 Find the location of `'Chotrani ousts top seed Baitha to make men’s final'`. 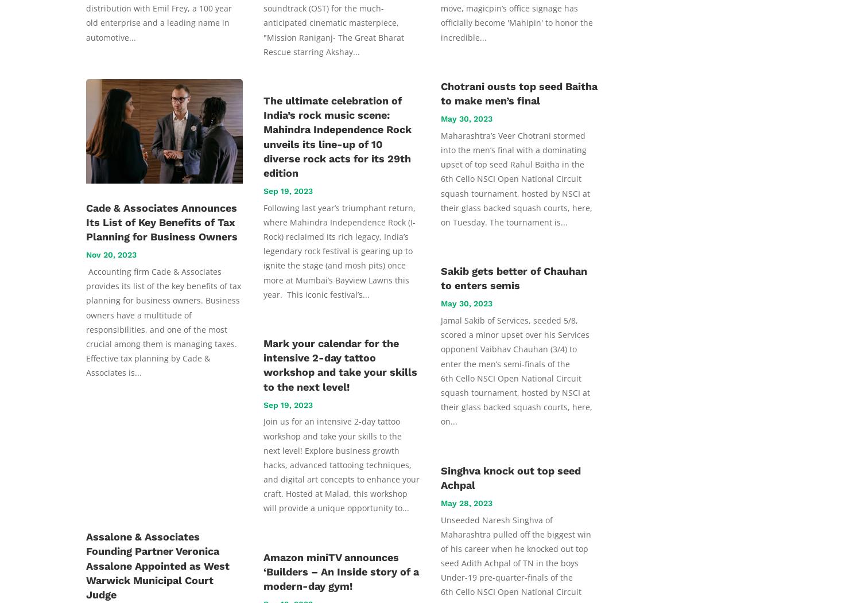

'Chotrani ousts top seed Baitha to make men’s final' is located at coordinates (441, 92).